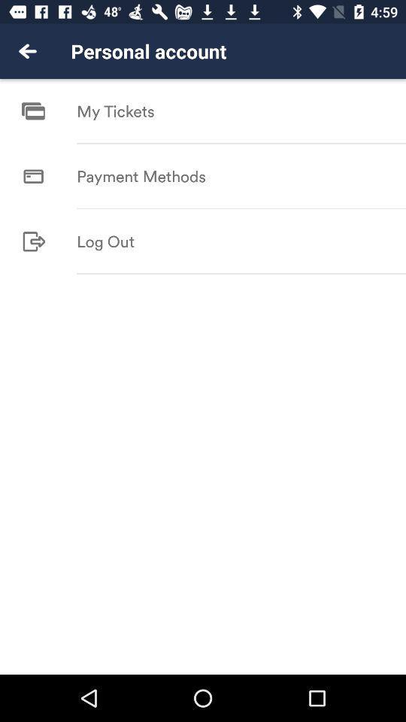 The height and width of the screenshot is (722, 406). What do you see at coordinates (105, 241) in the screenshot?
I see `log out icon` at bounding box center [105, 241].